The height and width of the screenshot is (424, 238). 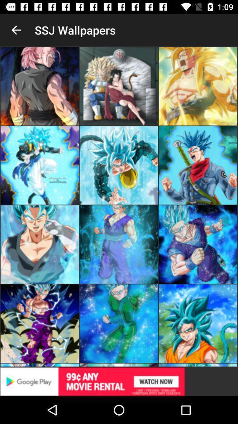 I want to click on the middle second image from bottom of page, so click(x=119, y=245).